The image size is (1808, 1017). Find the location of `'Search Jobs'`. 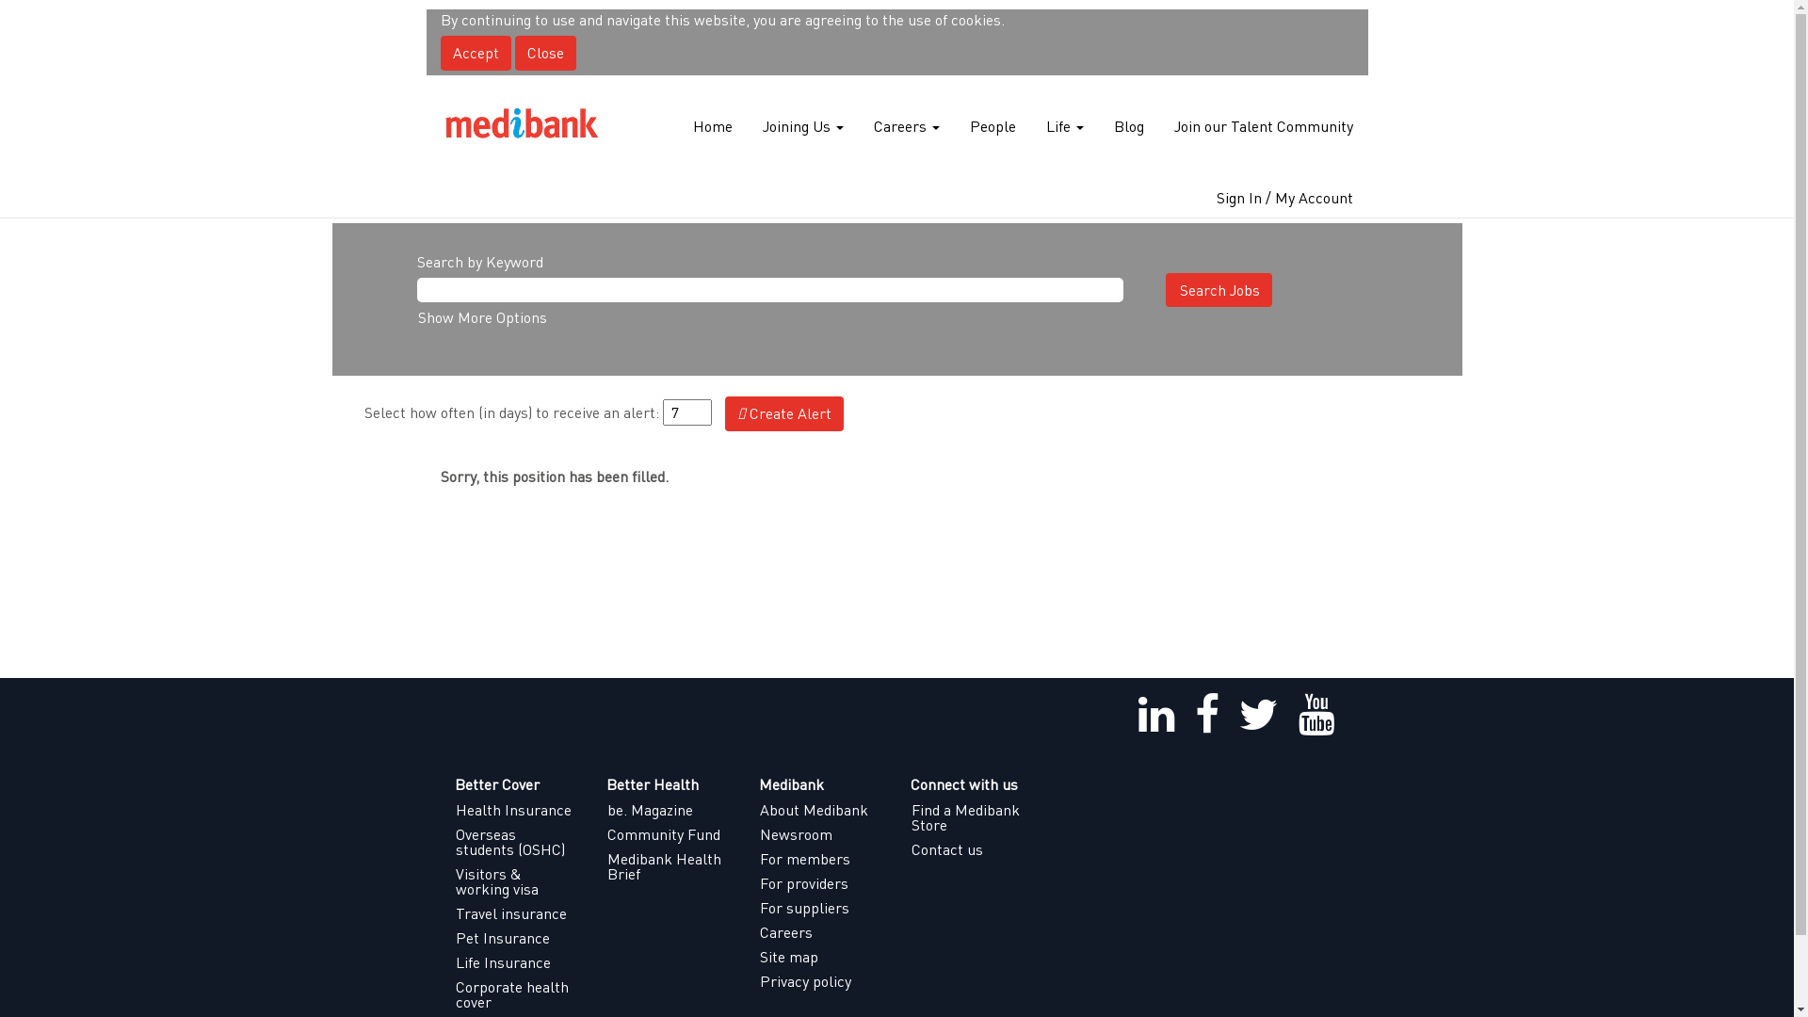

'Search Jobs' is located at coordinates (1219, 290).